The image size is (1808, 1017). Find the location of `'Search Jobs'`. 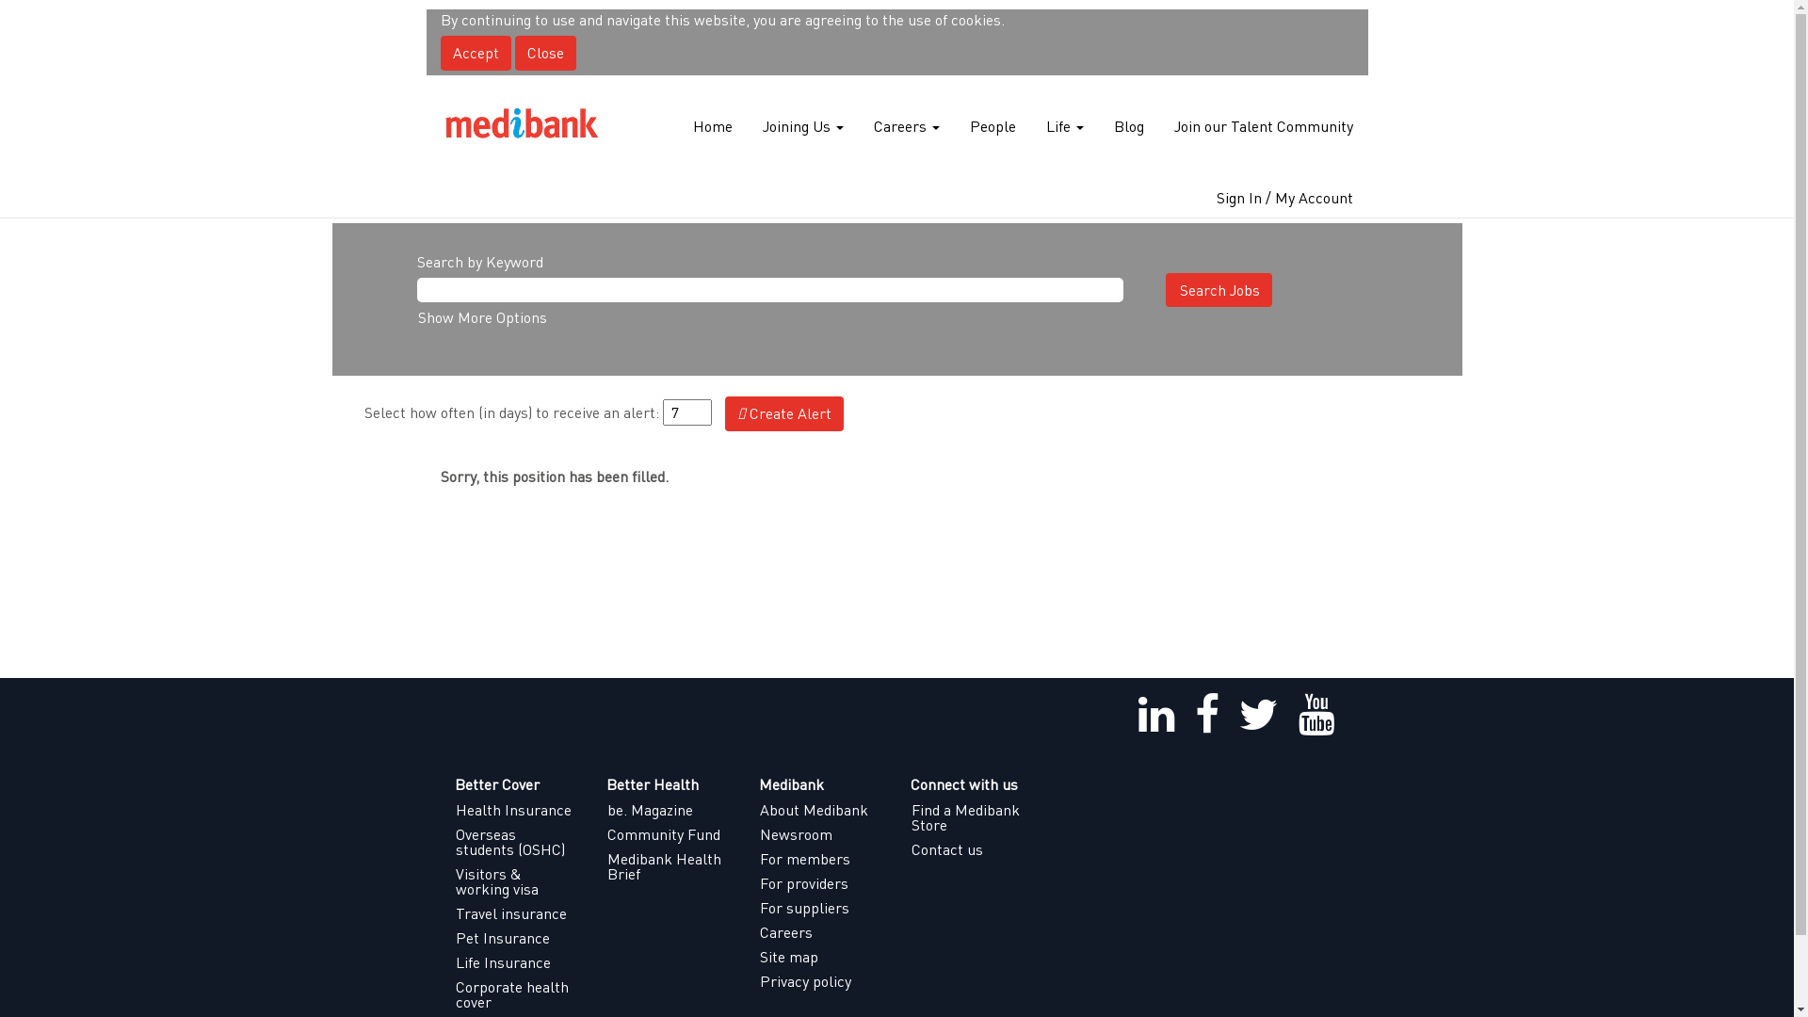

'Search Jobs' is located at coordinates (1219, 290).